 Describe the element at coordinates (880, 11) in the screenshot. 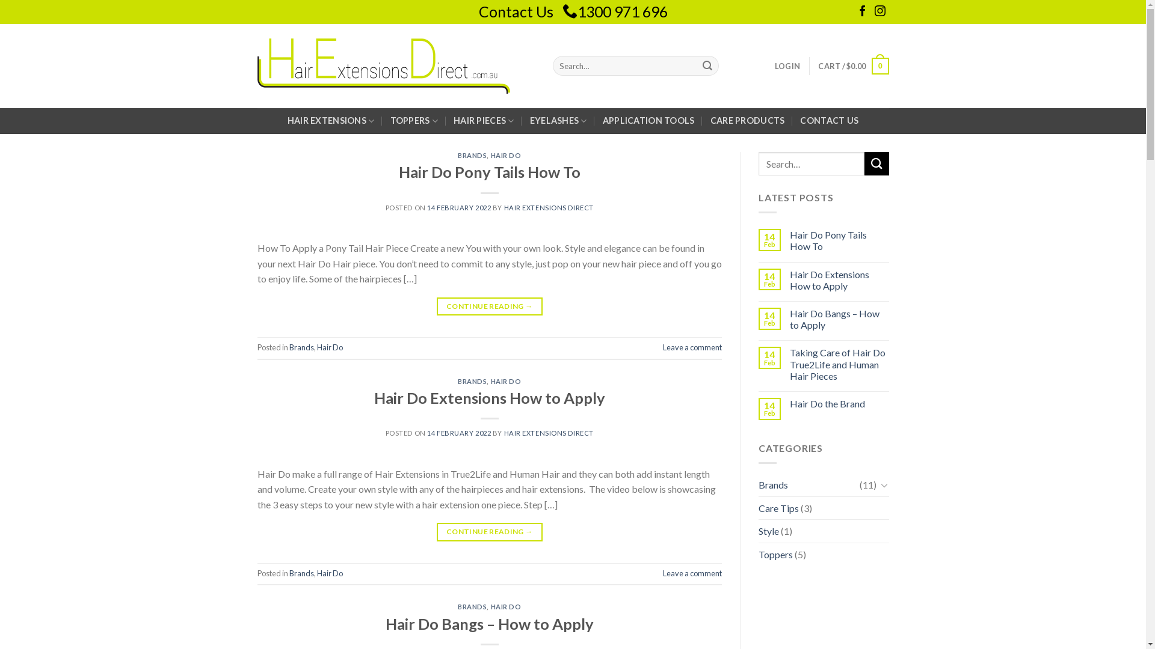

I see `'Follow on Instagram'` at that location.